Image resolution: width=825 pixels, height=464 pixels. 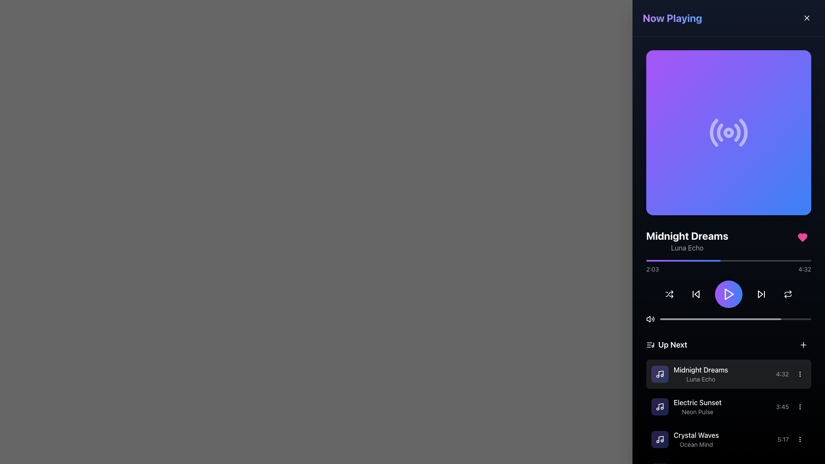 What do you see at coordinates (697, 406) in the screenshot?
I see `the text display component for item titles and subtitles that shows 'Electric Sunset' and 'Neon Pulse'` at bounding box center [697, 406].